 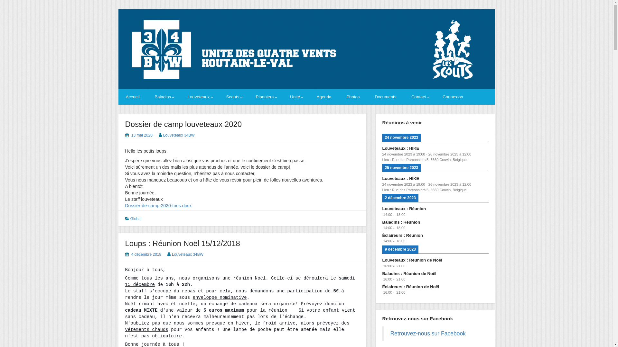 I want to click on 'Louveteaux', so click(x=183, y=97).